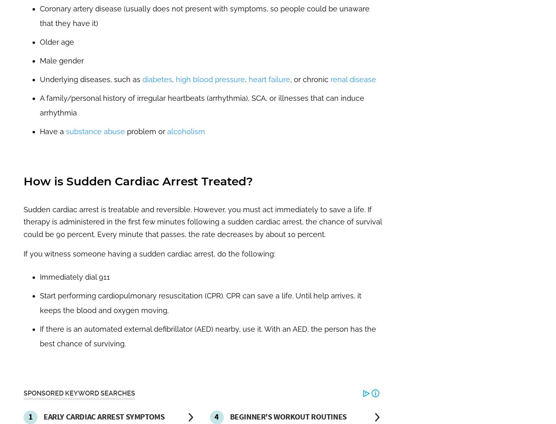 Image resolution: width=556 pixels, height=424 pixels. What do you see at coordinates (39, 78) in the screenshot?
I see `'Underlying diseases, such as'` at bounding box center [39, 78].